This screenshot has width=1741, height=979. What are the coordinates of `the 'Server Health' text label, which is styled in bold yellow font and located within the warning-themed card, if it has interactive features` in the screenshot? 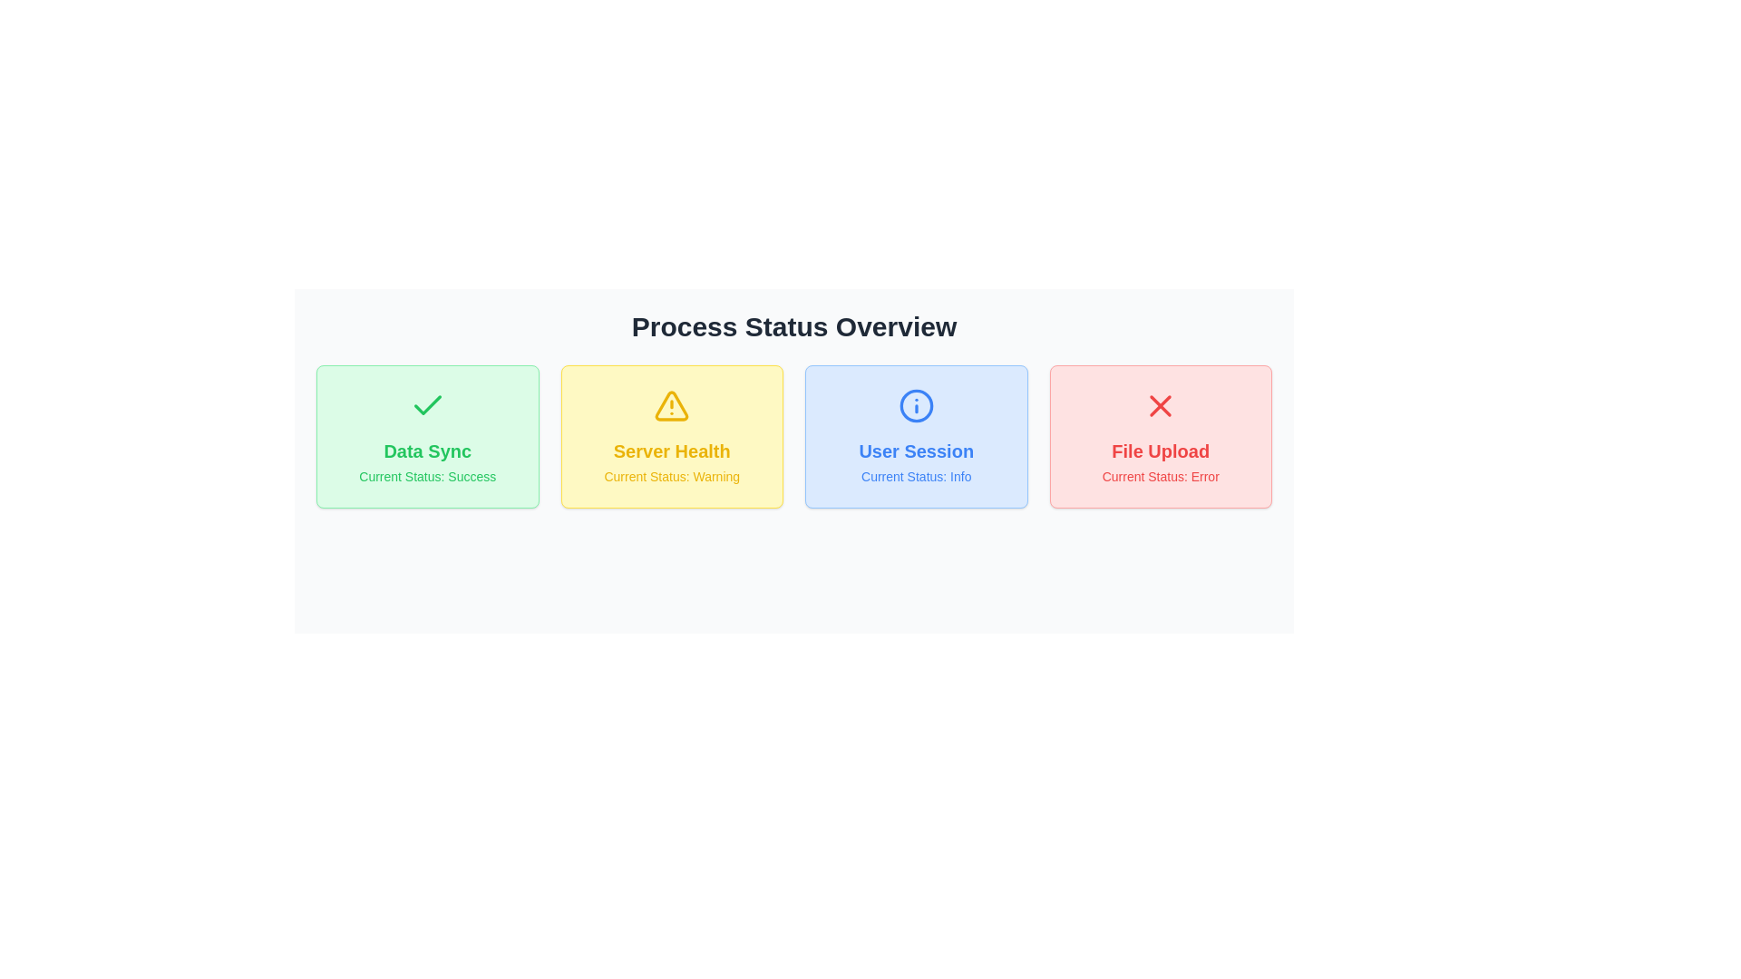 It's located at (671, 450).